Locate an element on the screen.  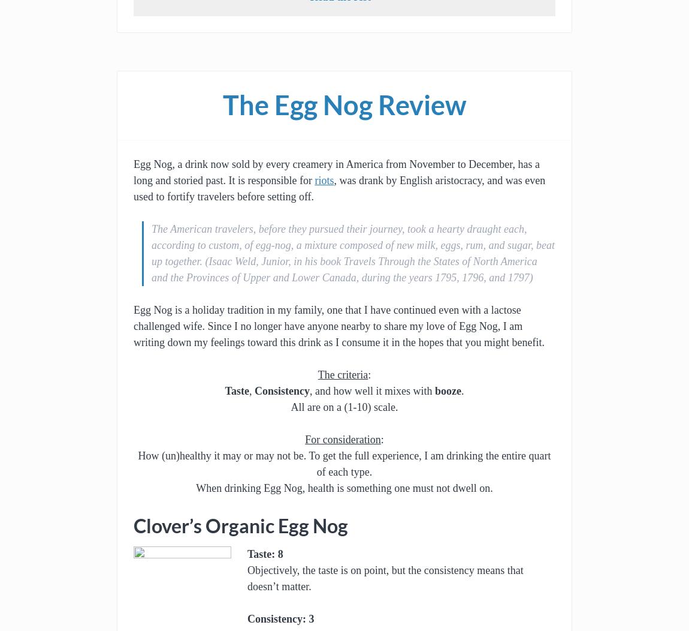
'For consideration' is located at coordinates (343, 440).